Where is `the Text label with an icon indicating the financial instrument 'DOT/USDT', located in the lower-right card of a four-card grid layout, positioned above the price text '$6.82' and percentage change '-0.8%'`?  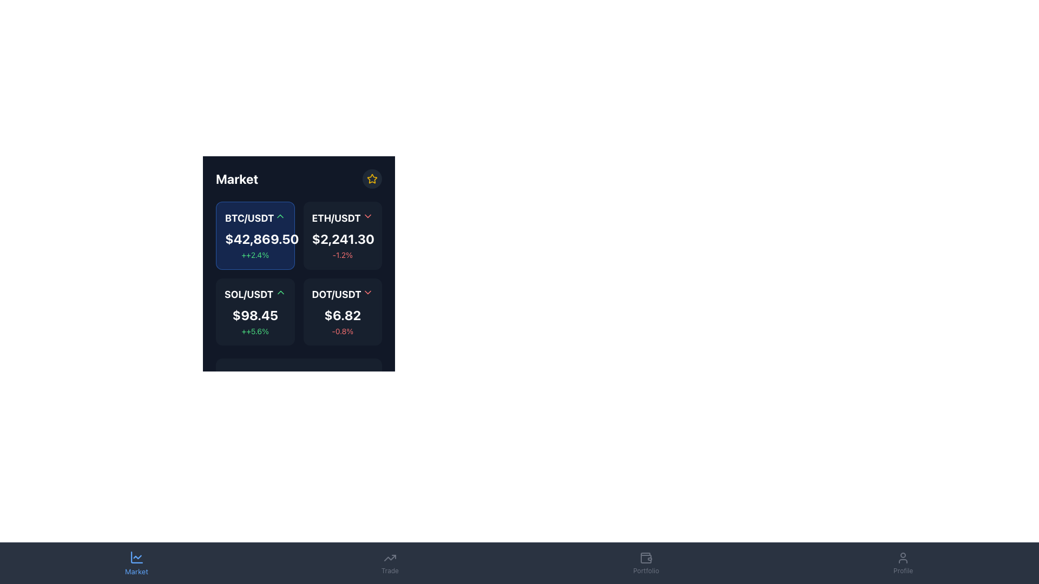 the Text label with an icon indicating the financial instrument 'DOT/USDT', located in the lower-right card of a four-card grid layout, positioned above the price text '$6.82' and percentage change '-0.8%' is located at coordinates (342, 294).